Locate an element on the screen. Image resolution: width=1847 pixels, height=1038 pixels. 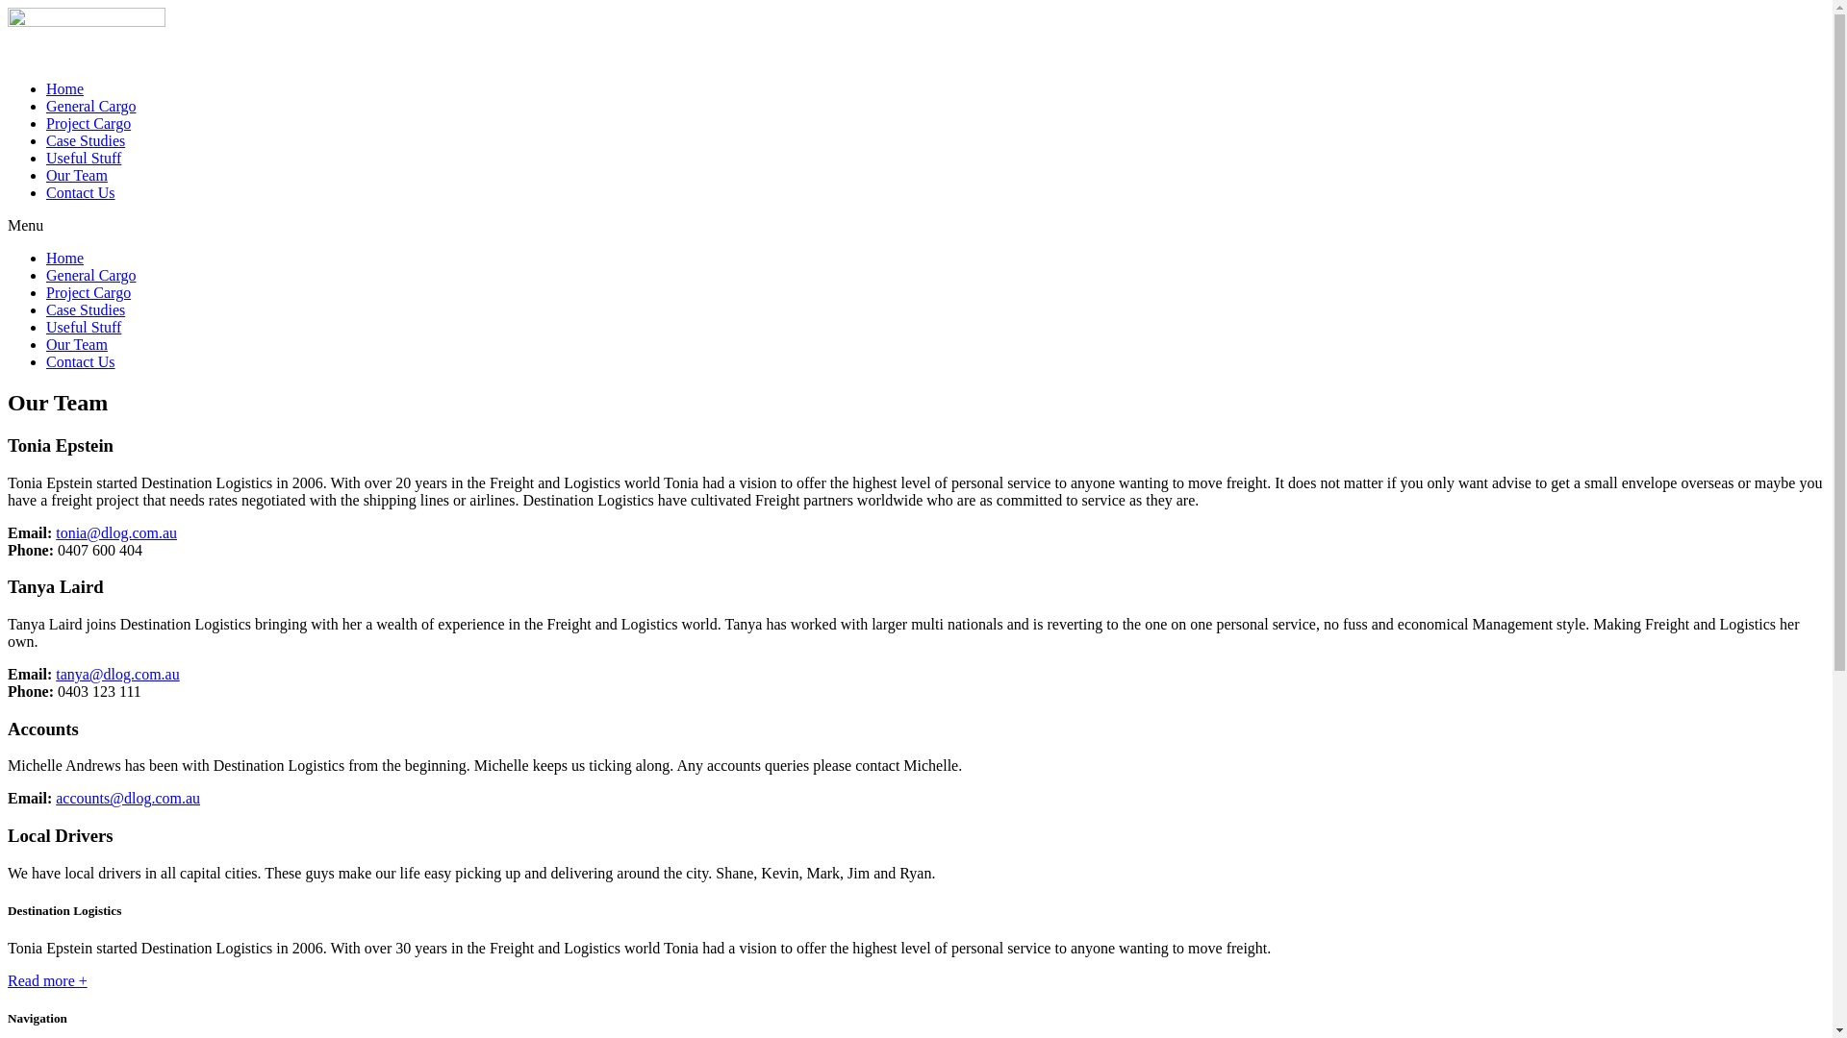
'Home' is located at coordinates (46, 257).